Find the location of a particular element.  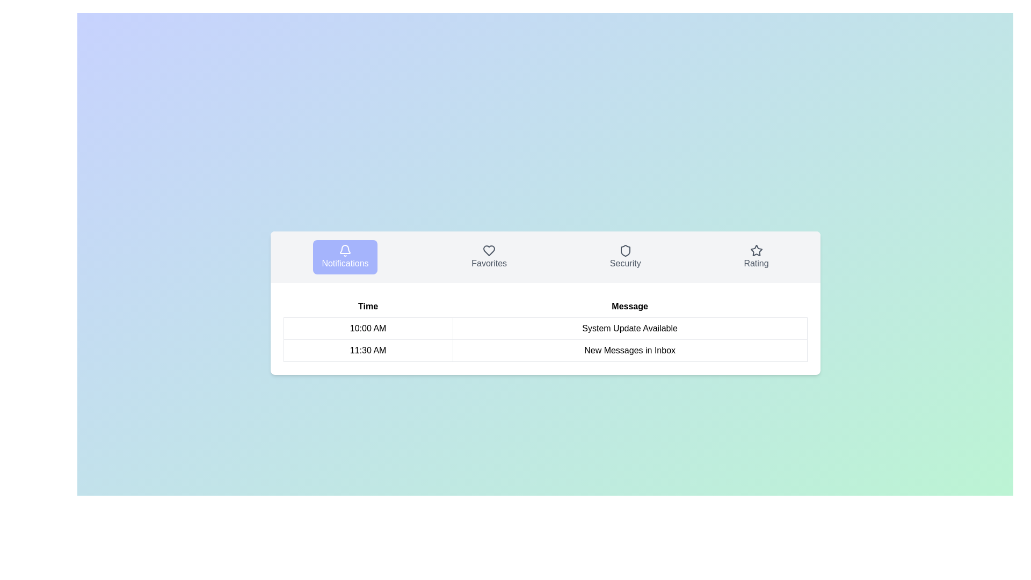

the 'Favorites' button, which has a heart icon and is located between the 'Notifications' and 'Security' buttons is located at coordinates (489, 257).